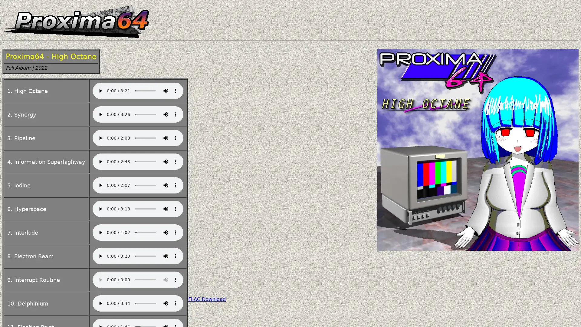 Image resolution: width=581 pixels, height=327 pixels. Describe the element at coordinates (175, 232) in the screenshot. I see `show more media controls` at that location.